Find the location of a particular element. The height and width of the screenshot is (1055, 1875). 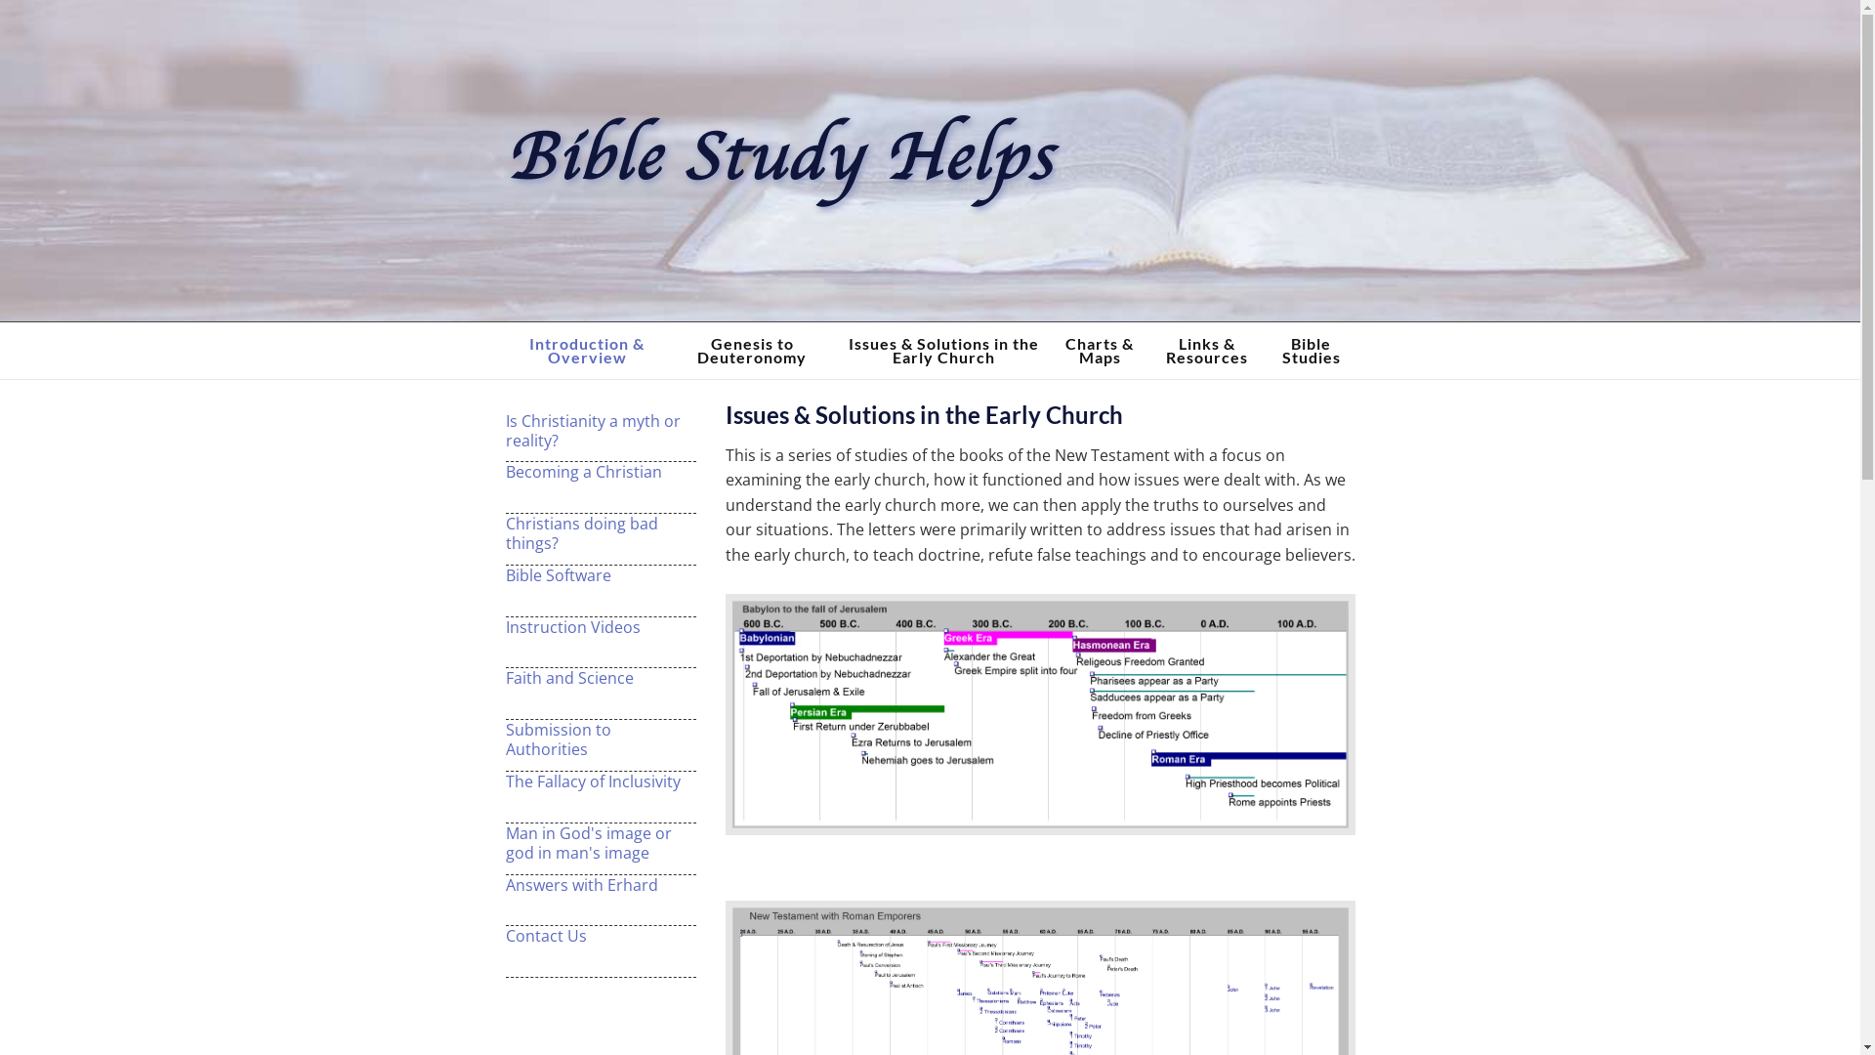

'Christians doing bad things?' is located at coordinates (600, 533).